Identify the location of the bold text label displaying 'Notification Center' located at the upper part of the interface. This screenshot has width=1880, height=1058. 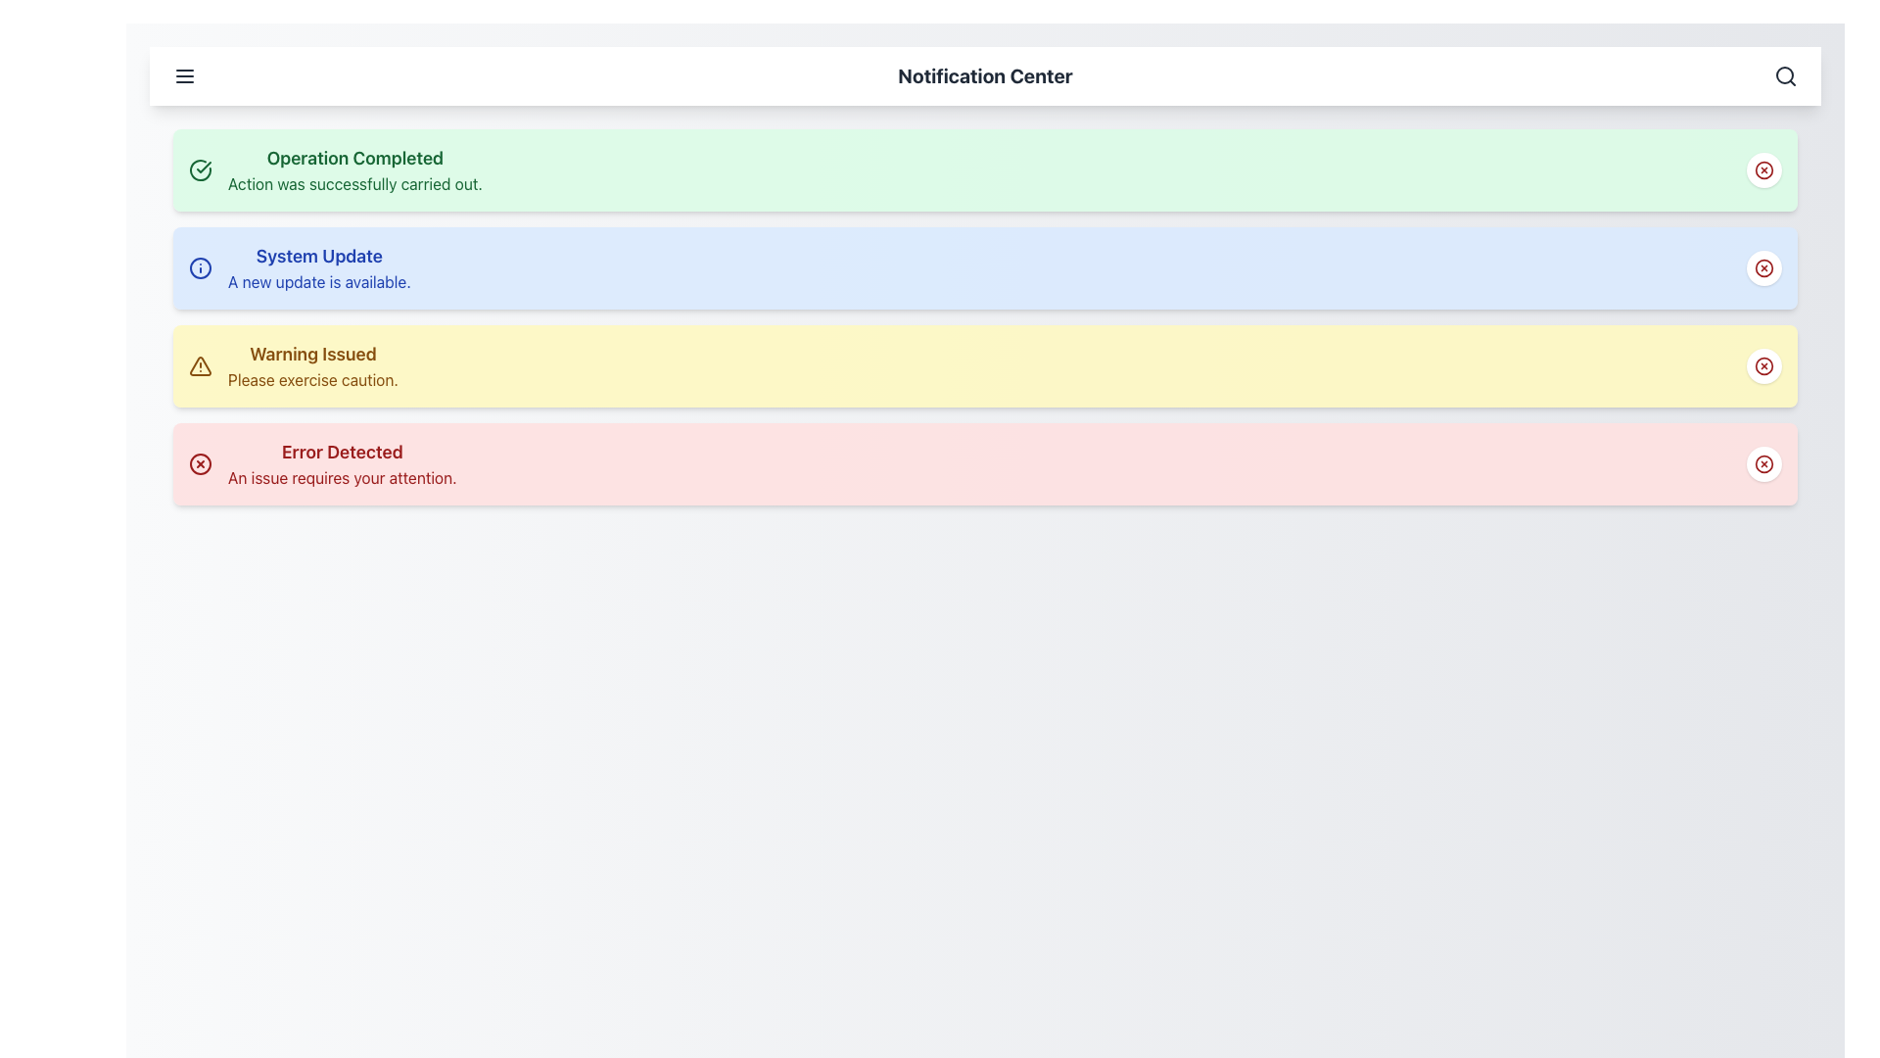
(985, 74).